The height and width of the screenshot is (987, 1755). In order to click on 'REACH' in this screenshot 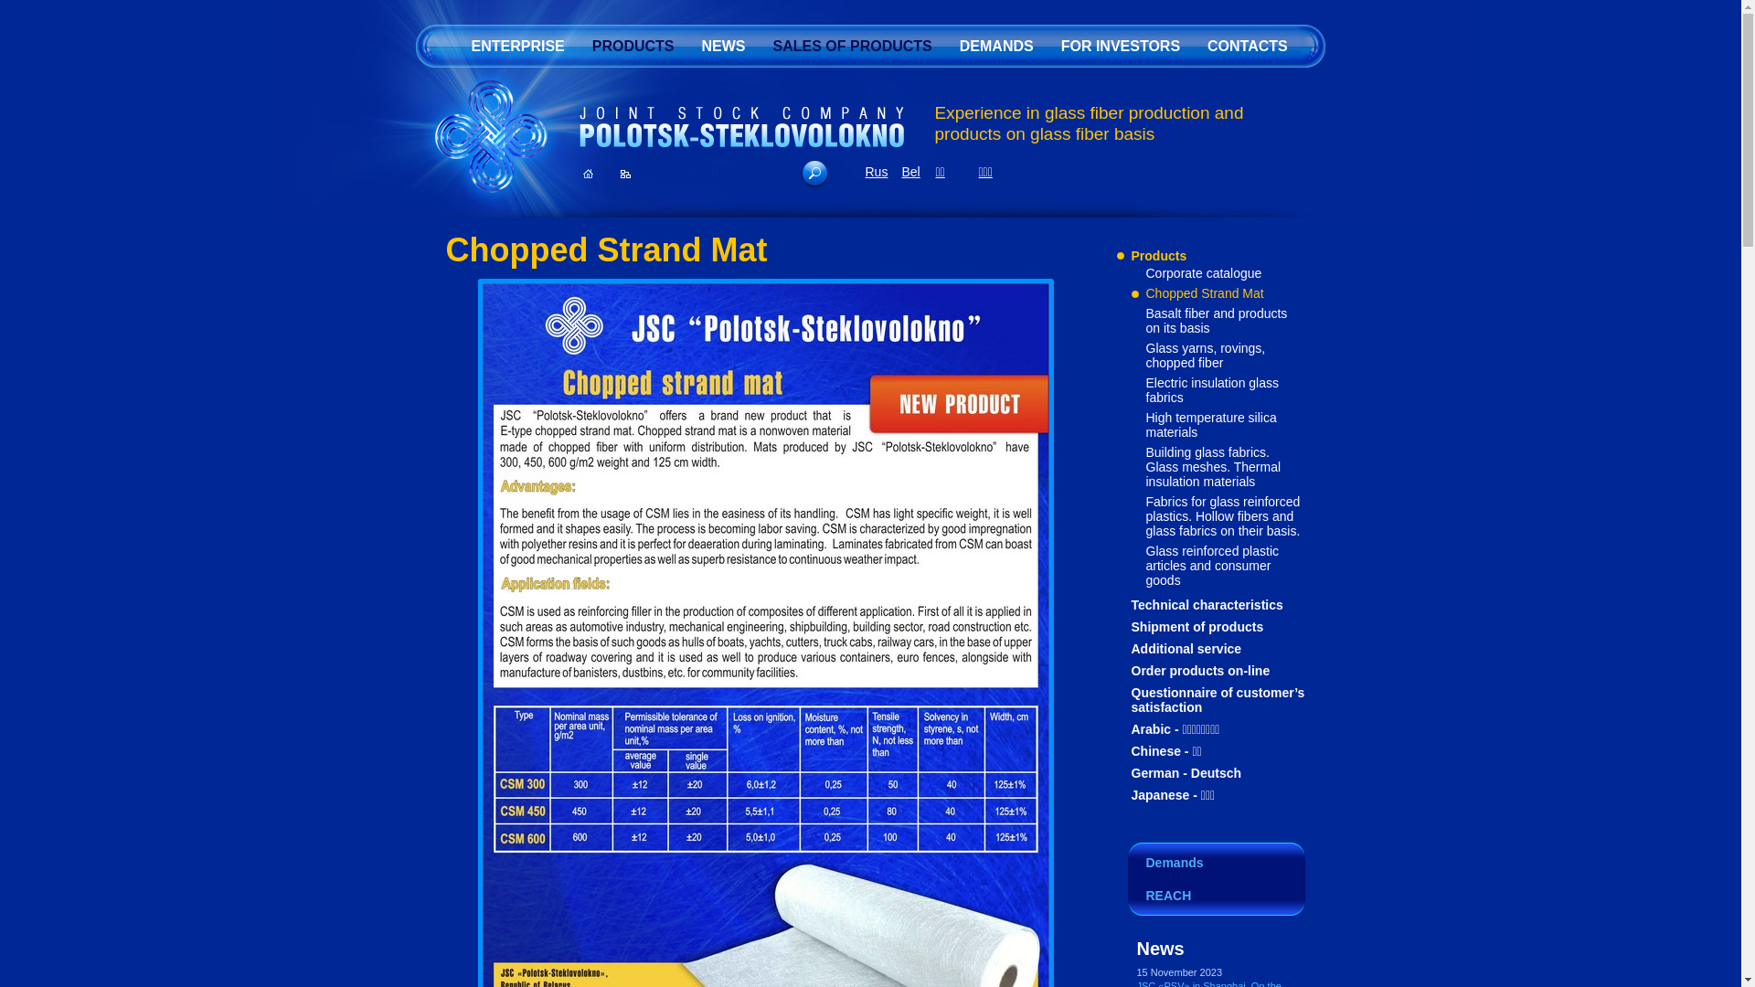, I will do `click(1216, 897)`.